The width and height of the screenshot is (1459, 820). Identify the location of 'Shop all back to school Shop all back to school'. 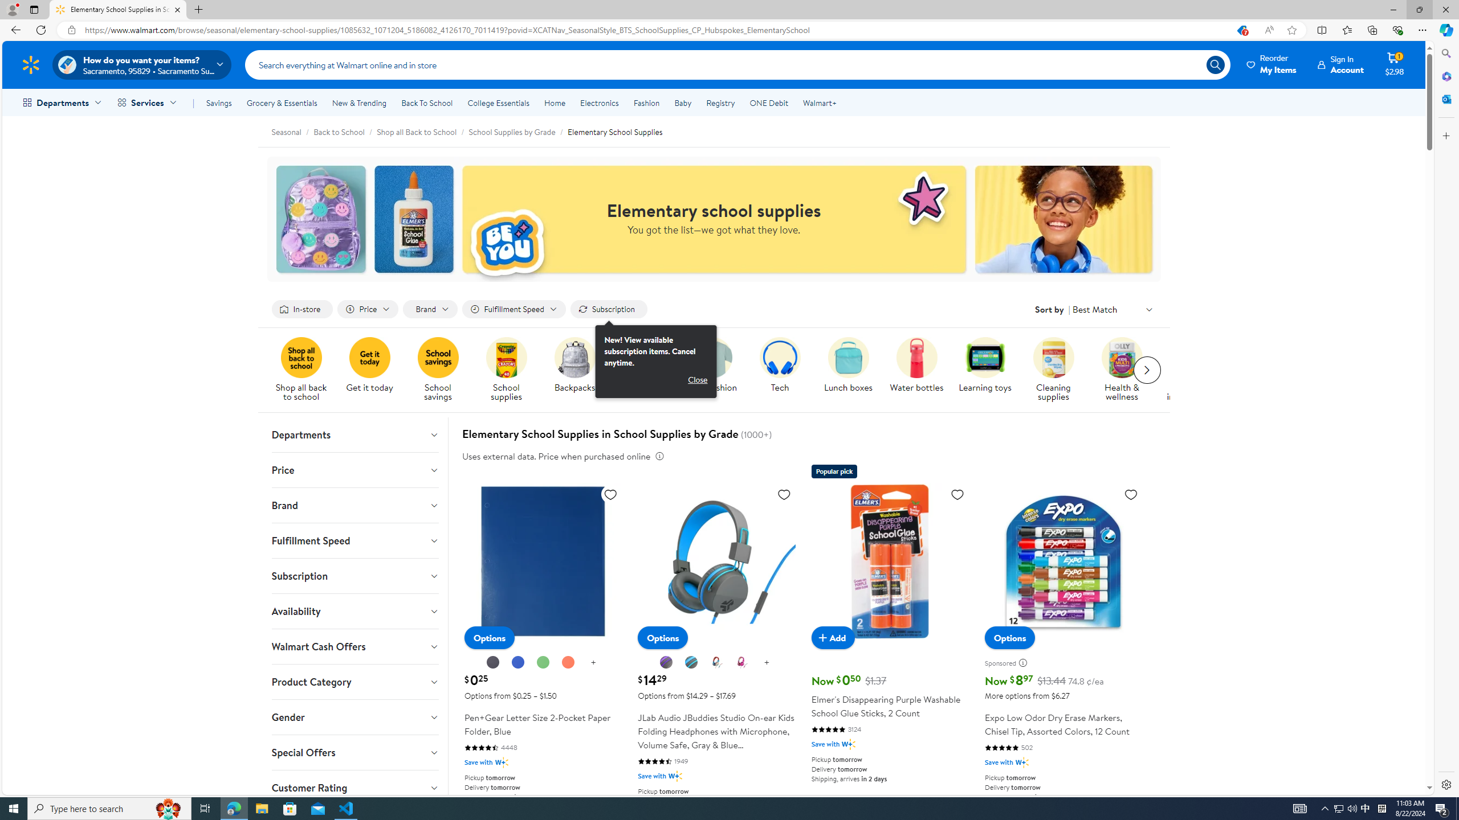
(300, 370).